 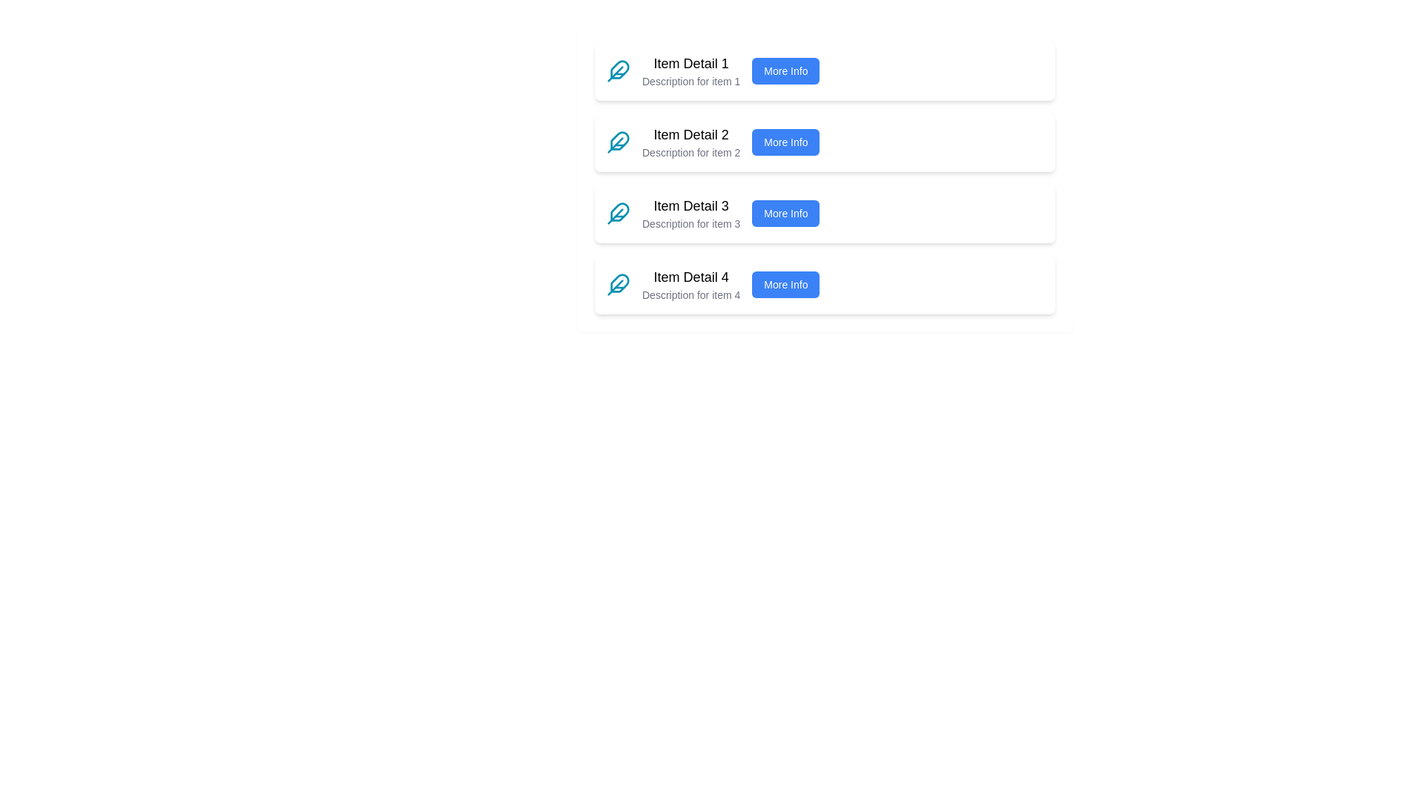 I want to click on the text label displaying 'Description for item 3', which is styled in a smaller, gray-colored font and located beneath the 'Item Detail 3' heading, so click(x=690, y=223).